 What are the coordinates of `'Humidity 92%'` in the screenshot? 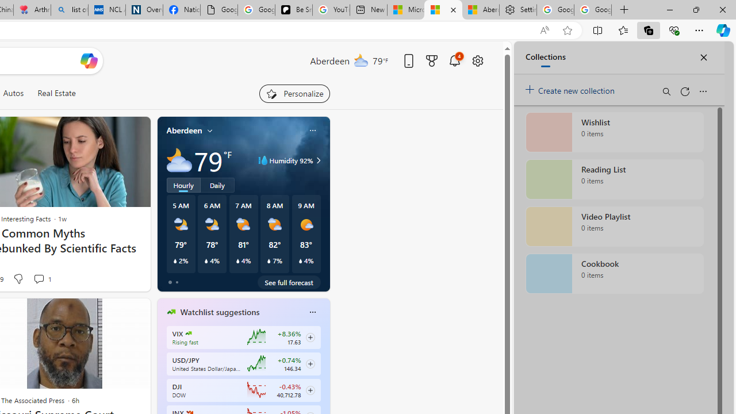 It's located at (317, 160).